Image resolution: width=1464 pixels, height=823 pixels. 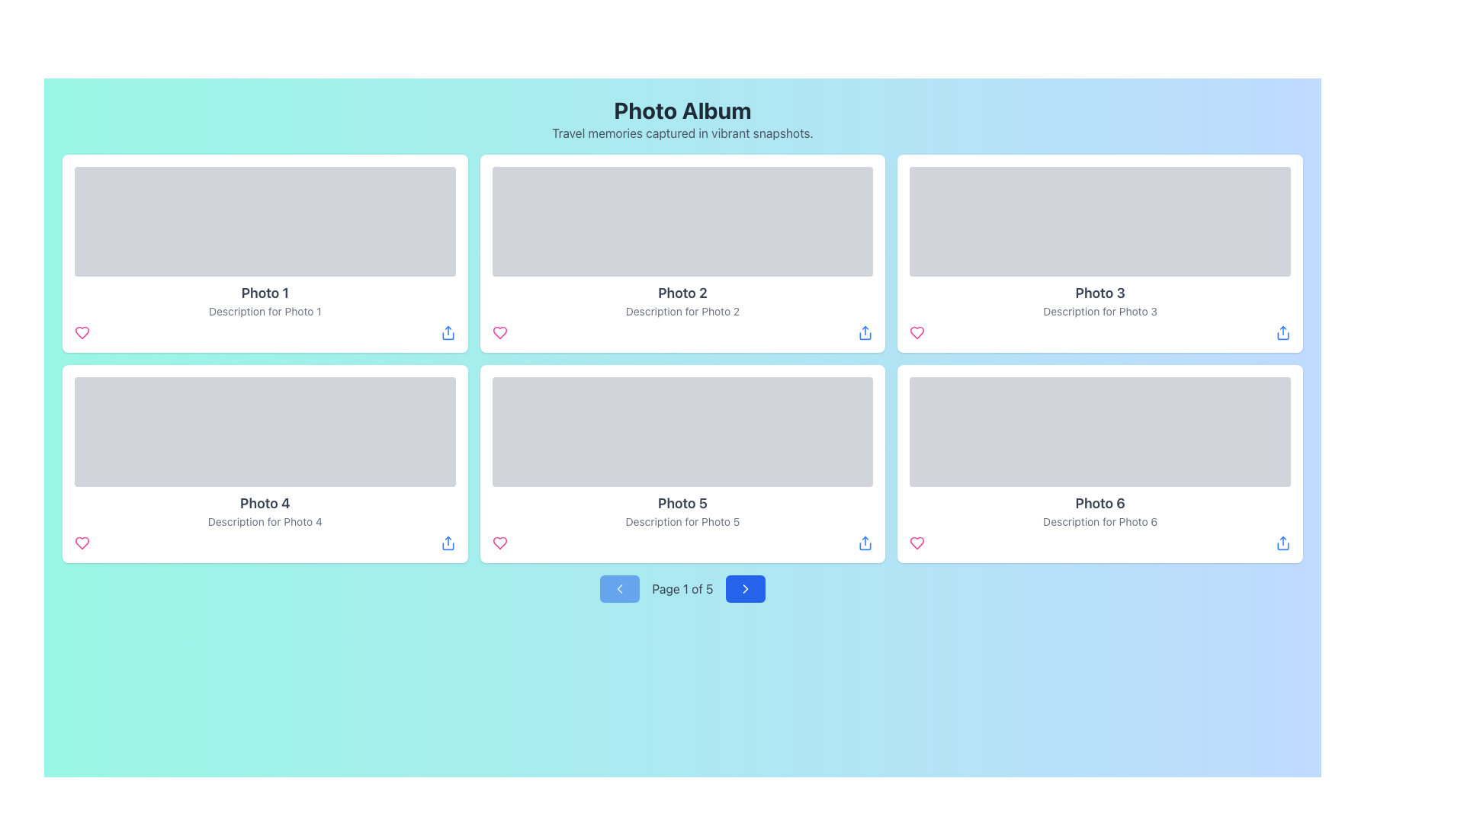 I want to click on the heart-shaped button with a pink outline located at the bottom-left corner of the Photo 5 card in the photo grid to mark it as a favorite, so click(x=499, y=543).